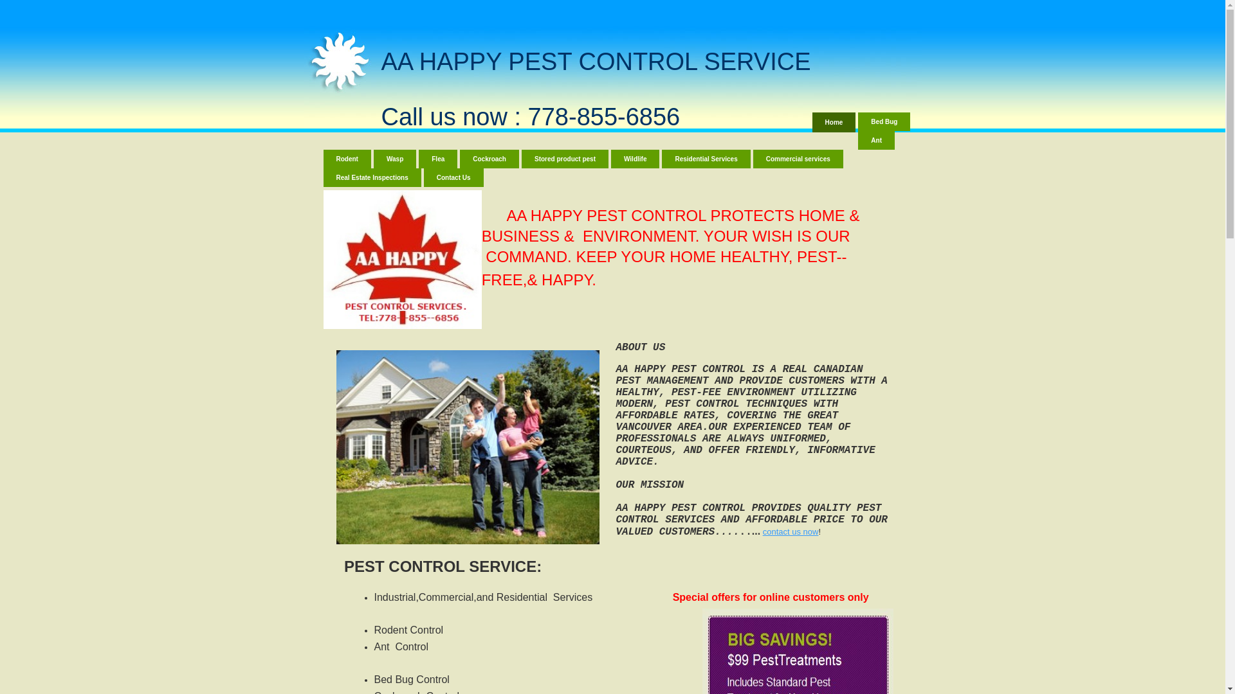  Describe the element at coordinates (370, 177) in the screenshot. I see `'Real Estate Inspections'` at that location.